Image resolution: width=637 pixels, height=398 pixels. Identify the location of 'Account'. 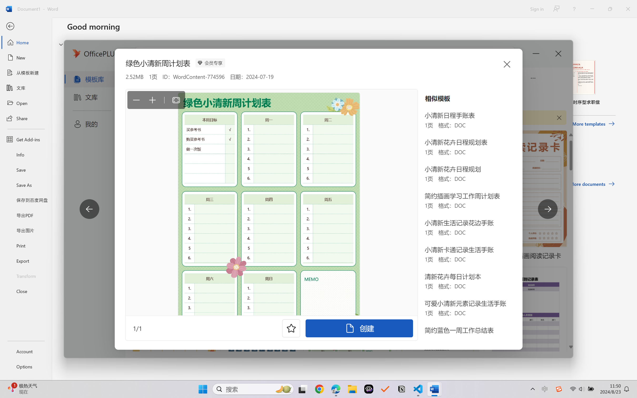
(26, 351).